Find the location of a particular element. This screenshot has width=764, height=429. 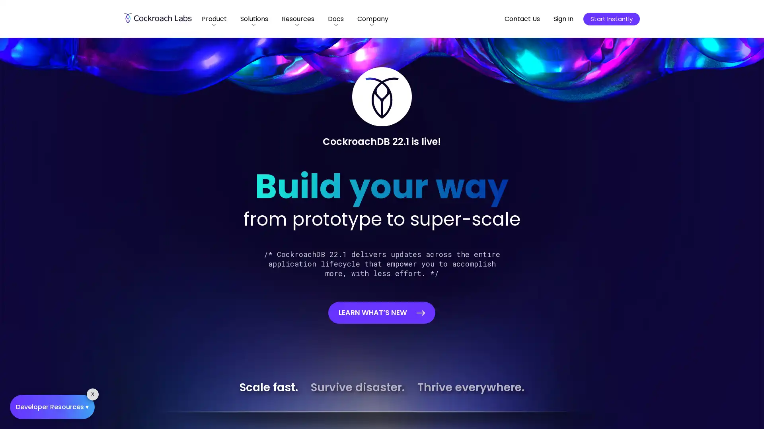

Contact Us is located at coordinates (522, 18).